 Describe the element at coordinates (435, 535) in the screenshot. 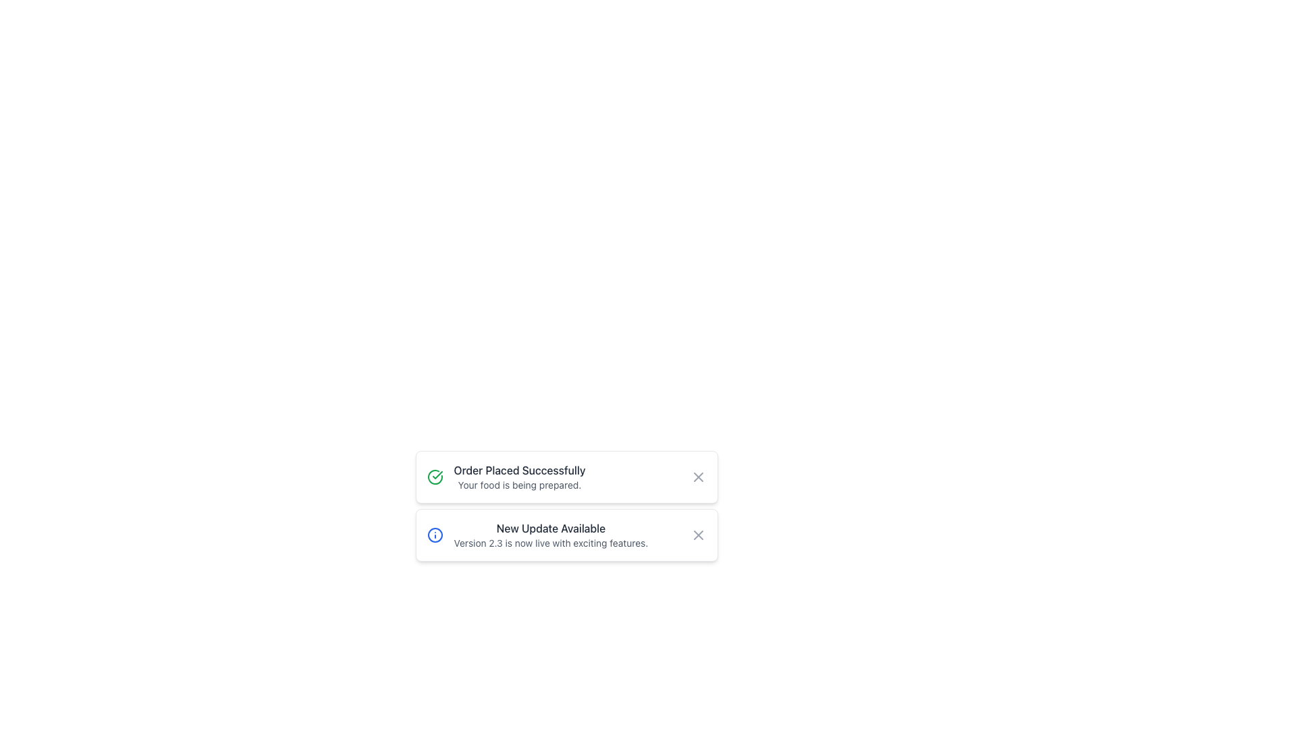

I see `the circular graphical element representing an informational or status icon within the notification for 'New Update Available'` at that location.